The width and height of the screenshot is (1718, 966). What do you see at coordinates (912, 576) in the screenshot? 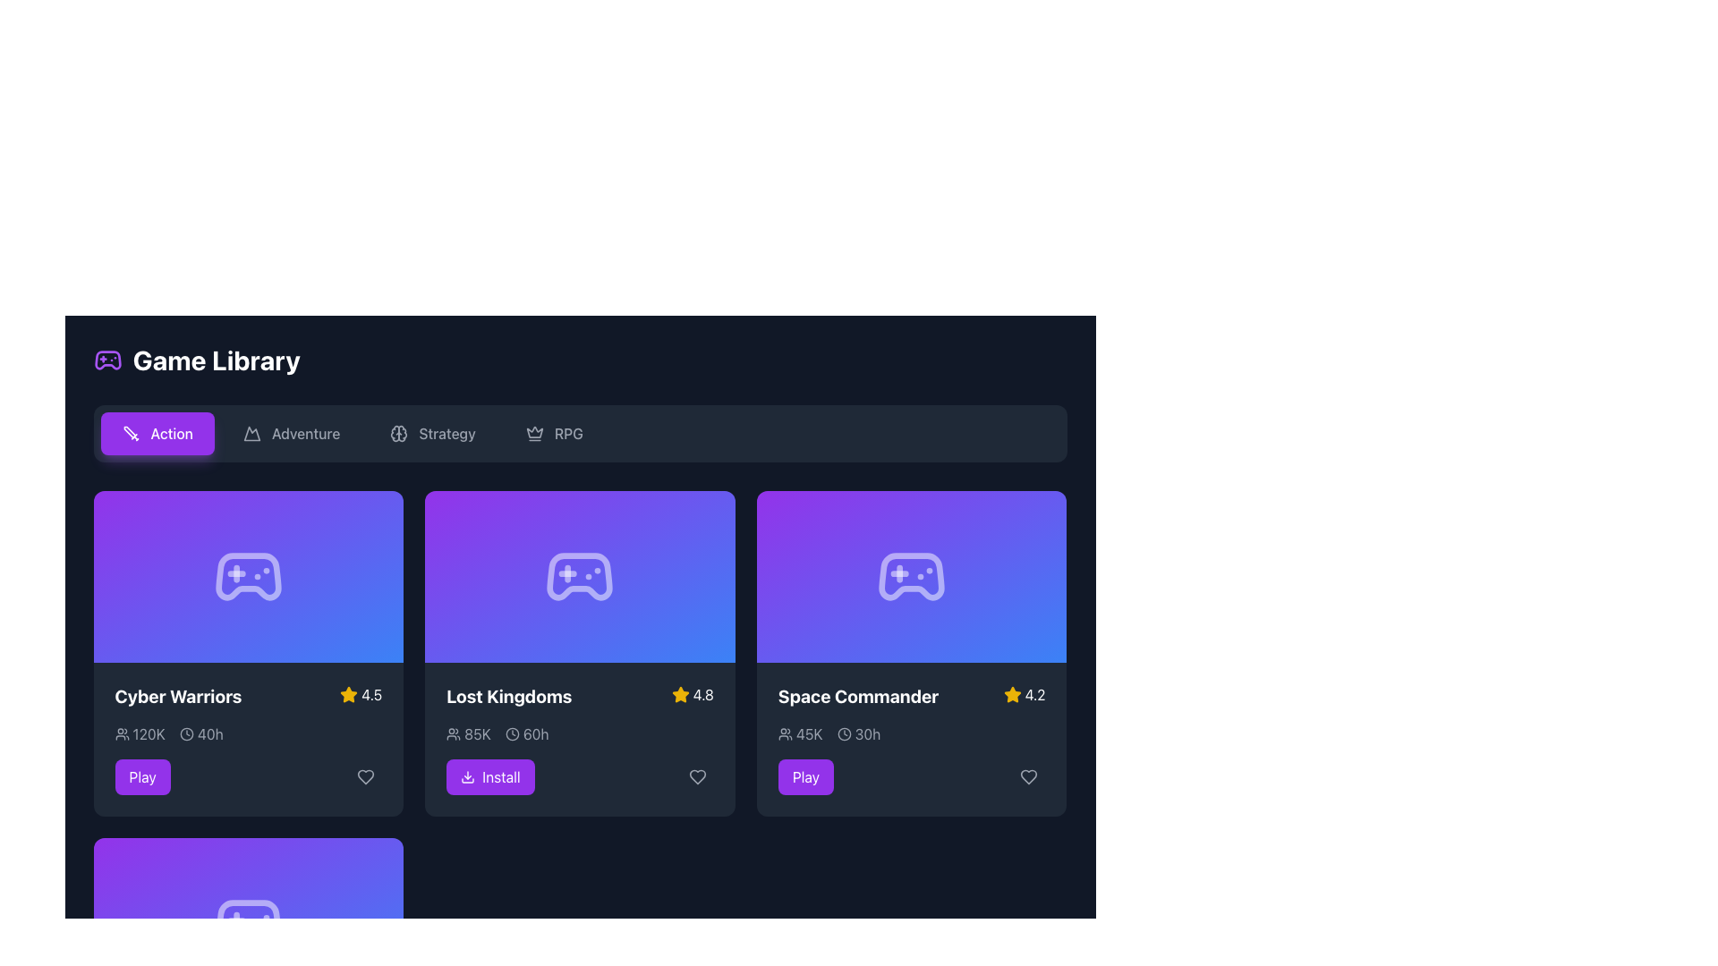
I see `the visual representation of the 'Space Commander' game located in the third column of the game library interface` at bounding box center [912, 576].